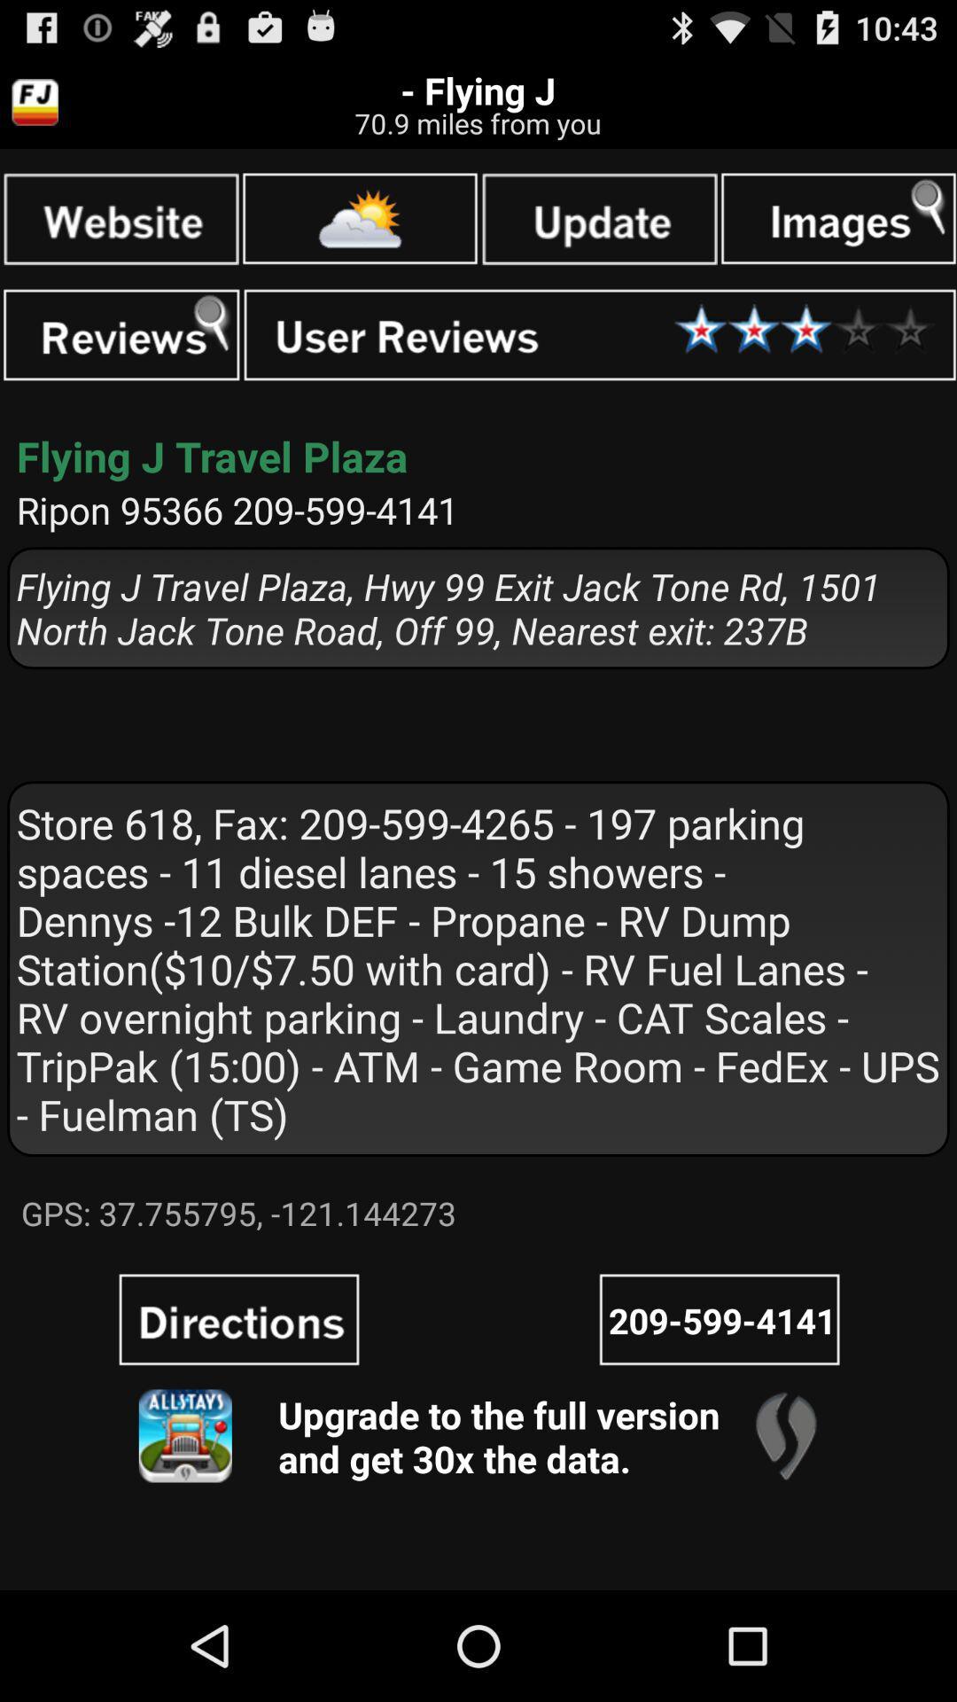 This screenshot has width=957, height=1702. Describe the element at coordinates (599, 335) in the screenshot. I see `the text which is right of the text reviews` at that location.